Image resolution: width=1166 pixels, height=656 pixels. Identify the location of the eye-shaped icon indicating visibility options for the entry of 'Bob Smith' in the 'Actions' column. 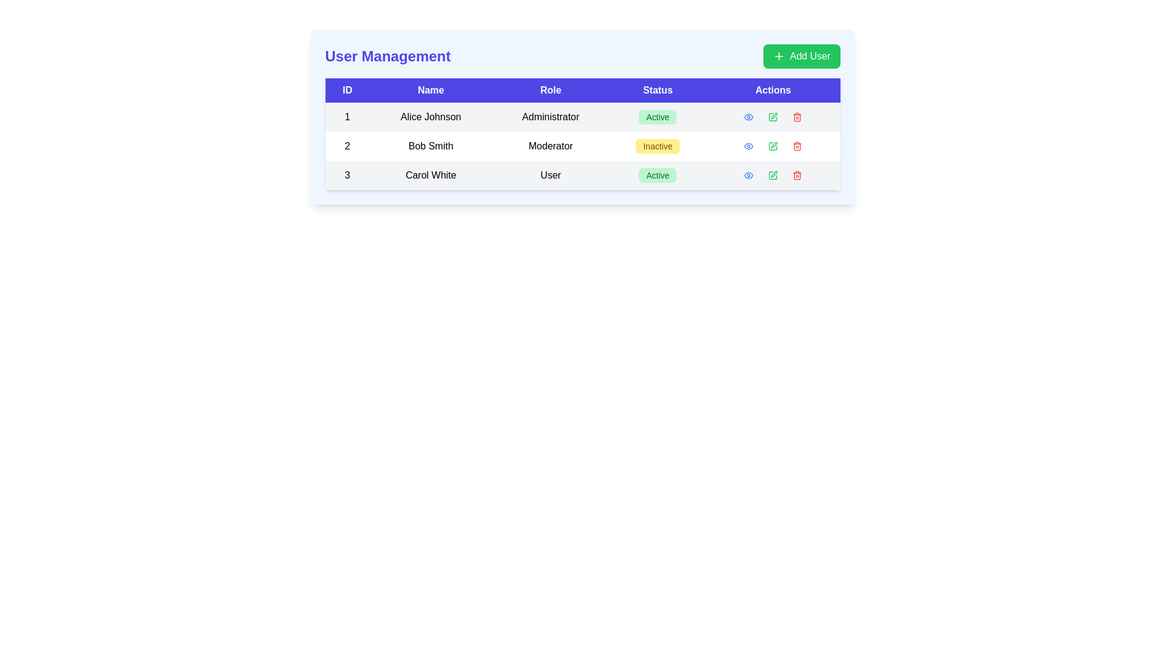
(748, 145).